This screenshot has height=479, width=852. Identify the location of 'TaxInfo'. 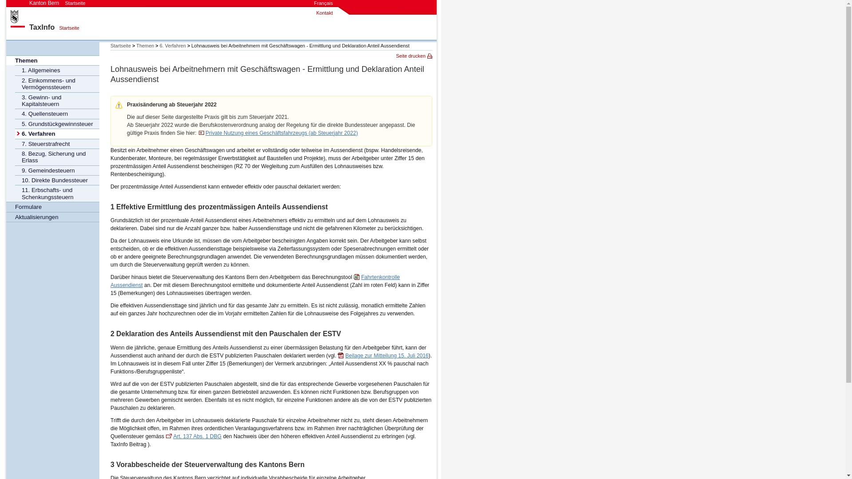
(41, 27).